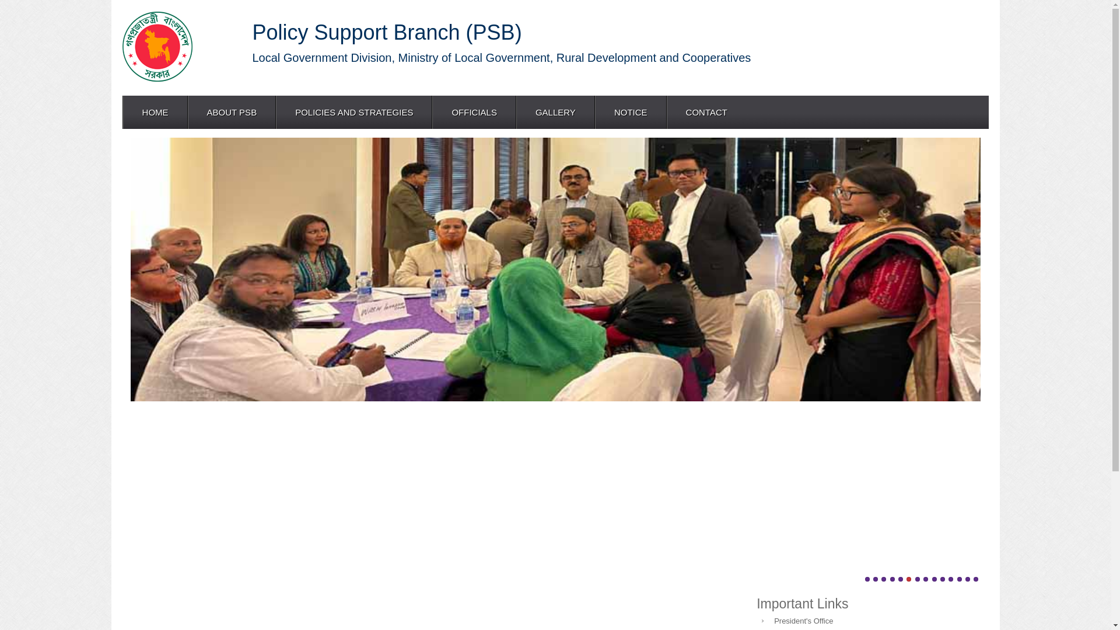 This screenshot has height=630, width=1120. I want to click on '9', so click(932, 579).